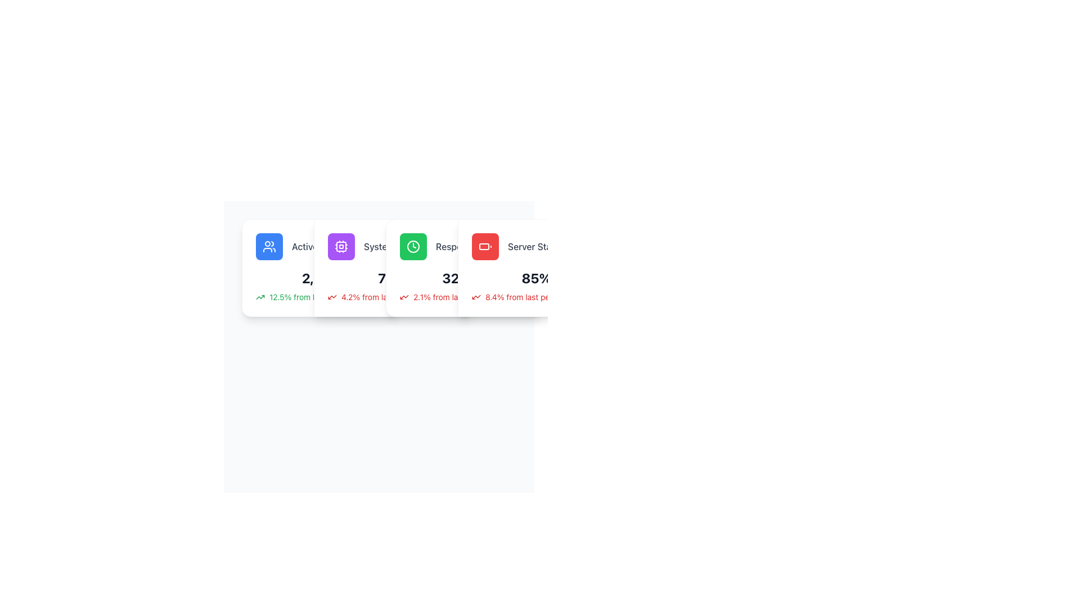 The width and height of the screenshot is (1080, 607). Describe the element at coordinates (464, 286) in the screenshot. I see `the performance metric display for response time located in the lower section of the 'Response Time' card, which is the third card from the left in the row of similar cards` at that location.